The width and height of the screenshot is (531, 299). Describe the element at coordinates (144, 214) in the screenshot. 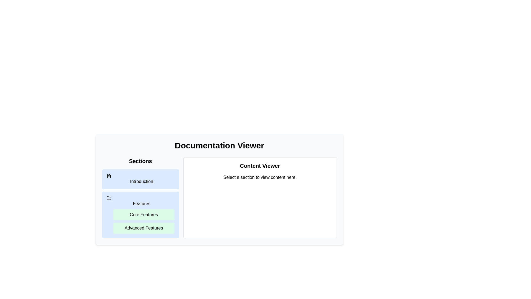

I see `the 'Core Features' navigation button in the left-hand sidebar` at that location.